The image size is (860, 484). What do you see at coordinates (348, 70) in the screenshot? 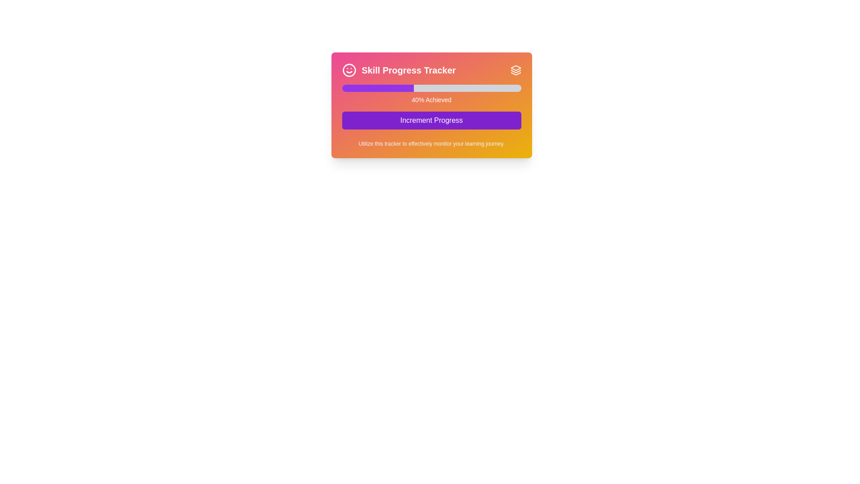
I see `the Decorative Icon, a circular icon depicting a smiling face, located to the left of the title text 'Skill Progress Tracker'` at bounding box center [348, 70].